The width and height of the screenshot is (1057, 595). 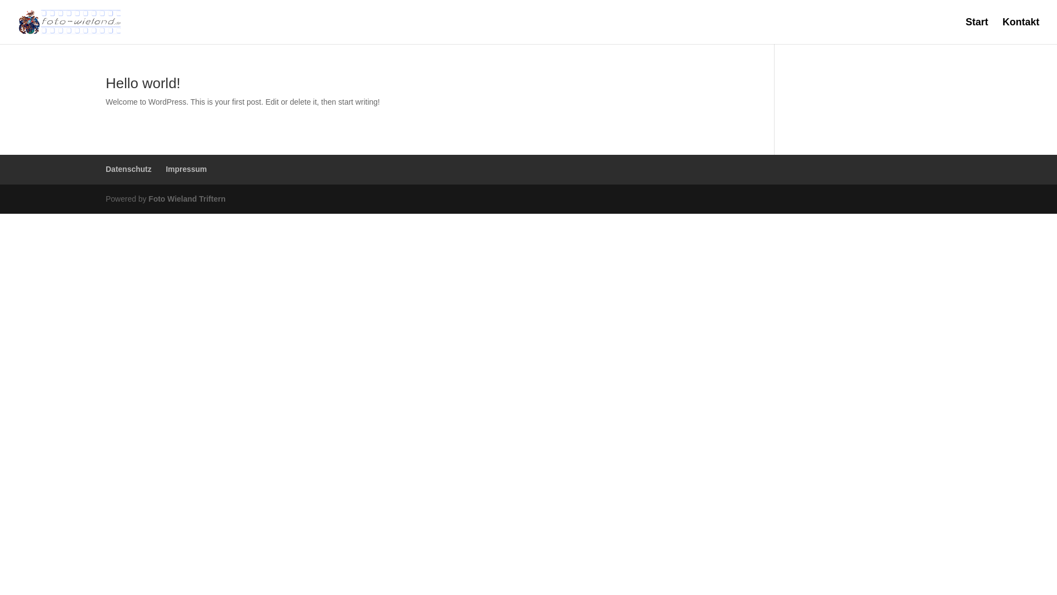 What do you see at coordinates (165, 169) in the screenshot?
I see `'Impressum'` at bounding box center [165, 169].